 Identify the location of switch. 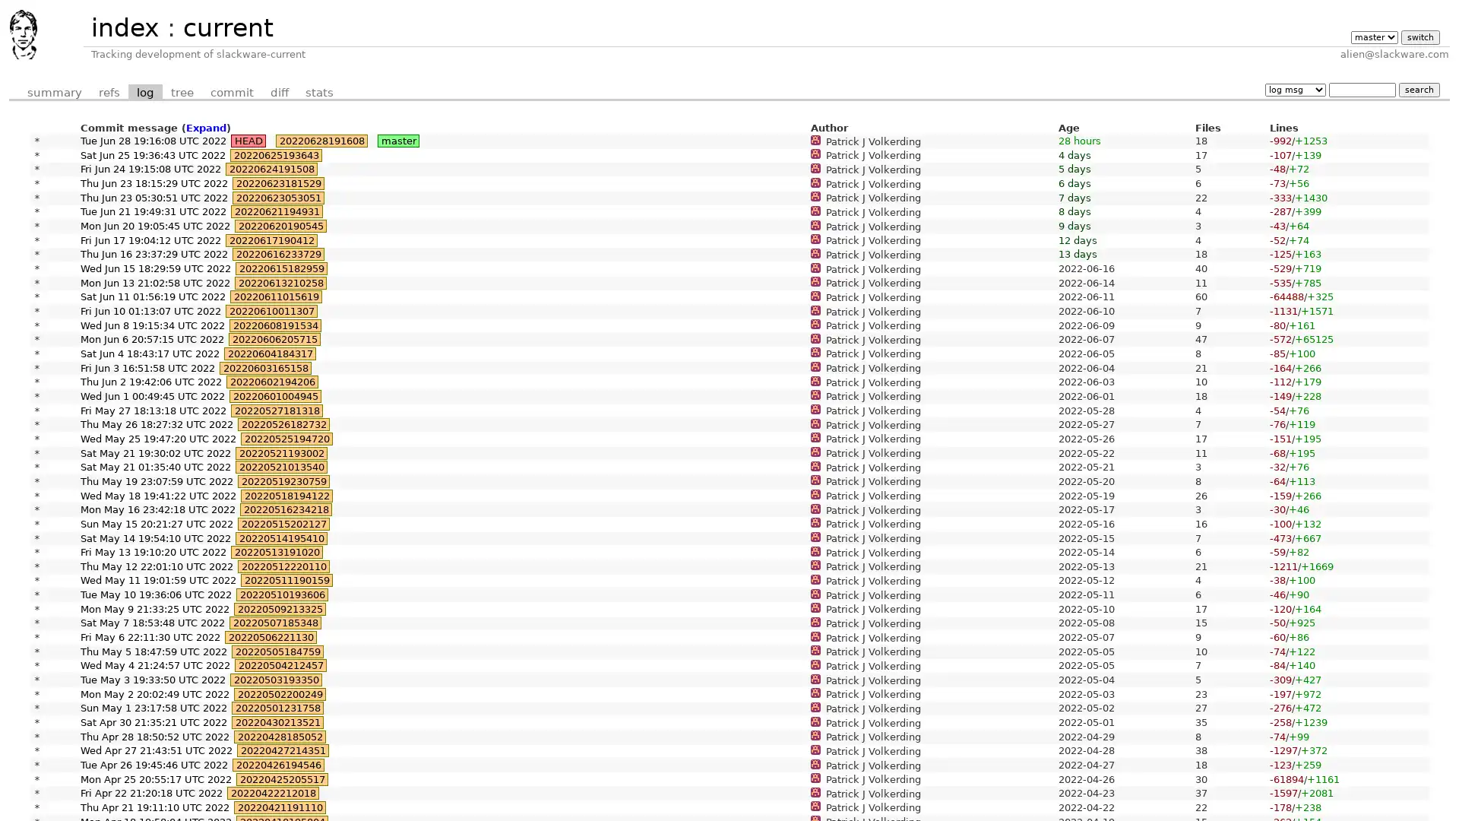
(1419, 36).